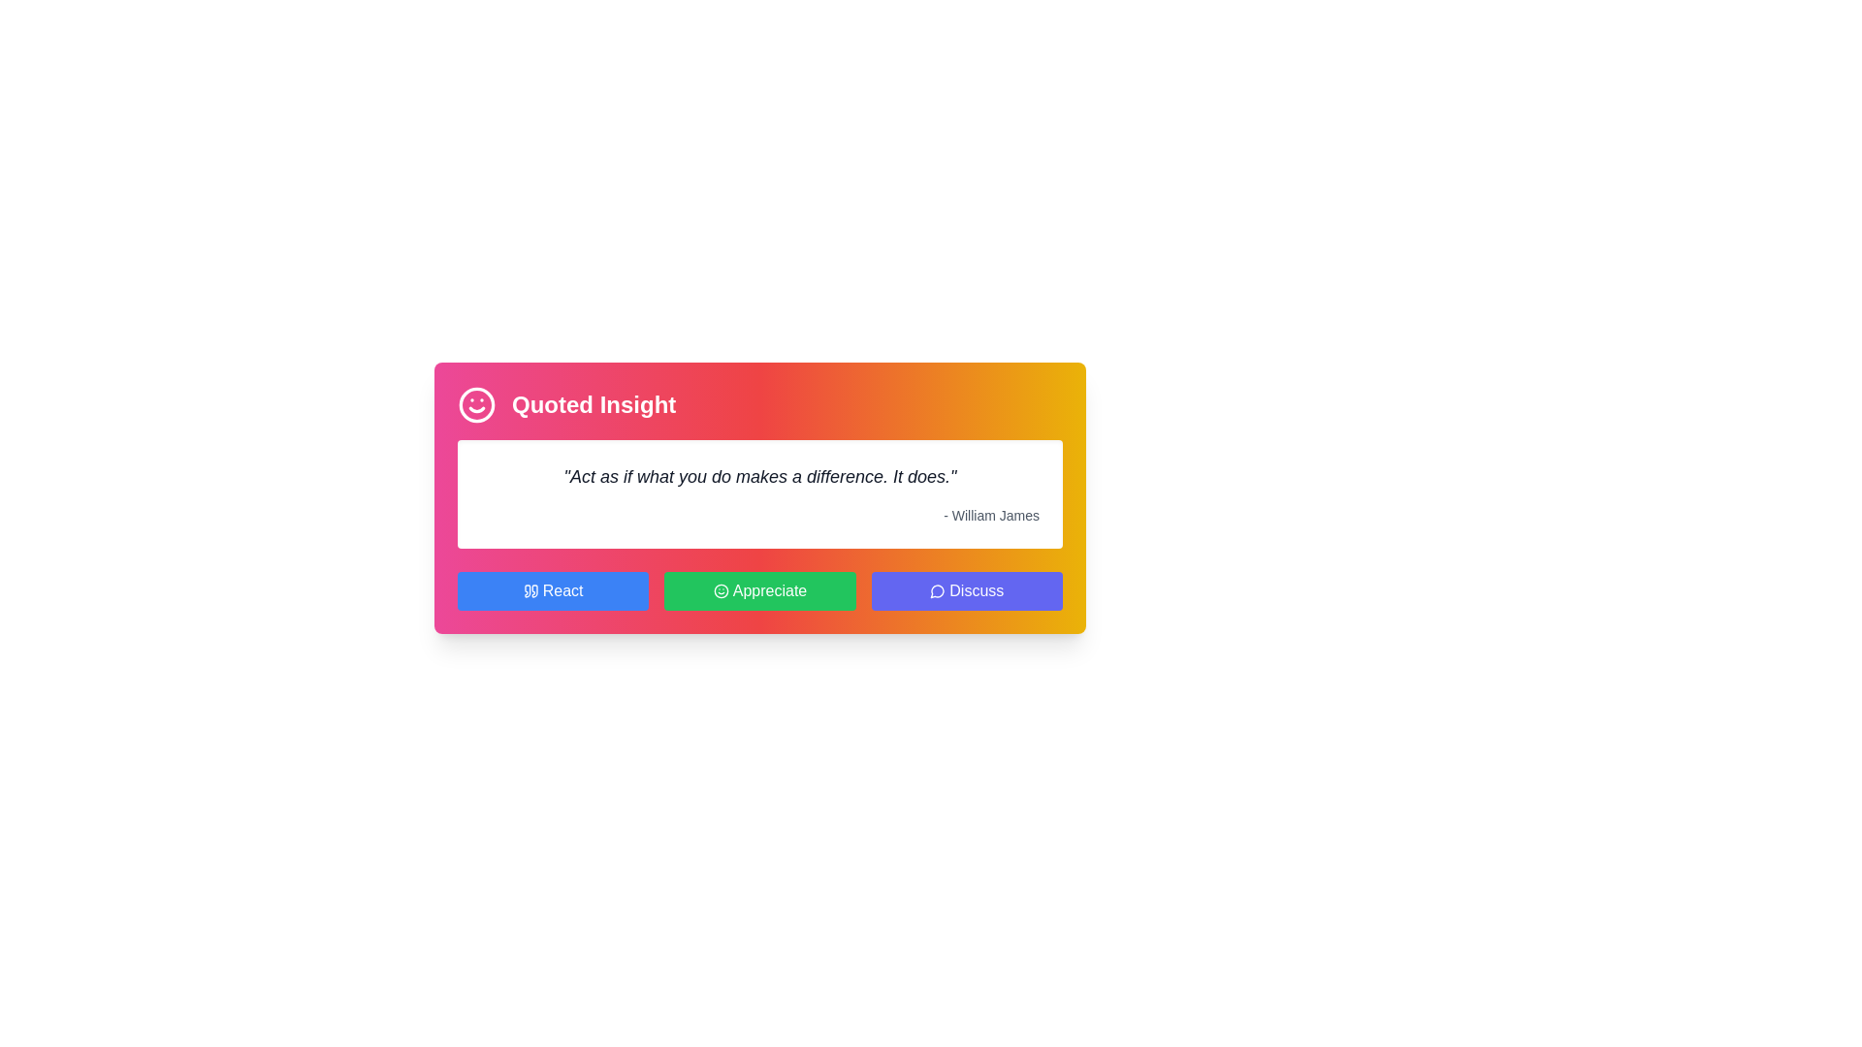 The height and width of the screenshot is (1047, 1862). What do you see at coordinates (528, 589) in the screenshot?
I see `the second quotation mark icon in the top-left corner of the colorful card` at bounding box center [528, 589].